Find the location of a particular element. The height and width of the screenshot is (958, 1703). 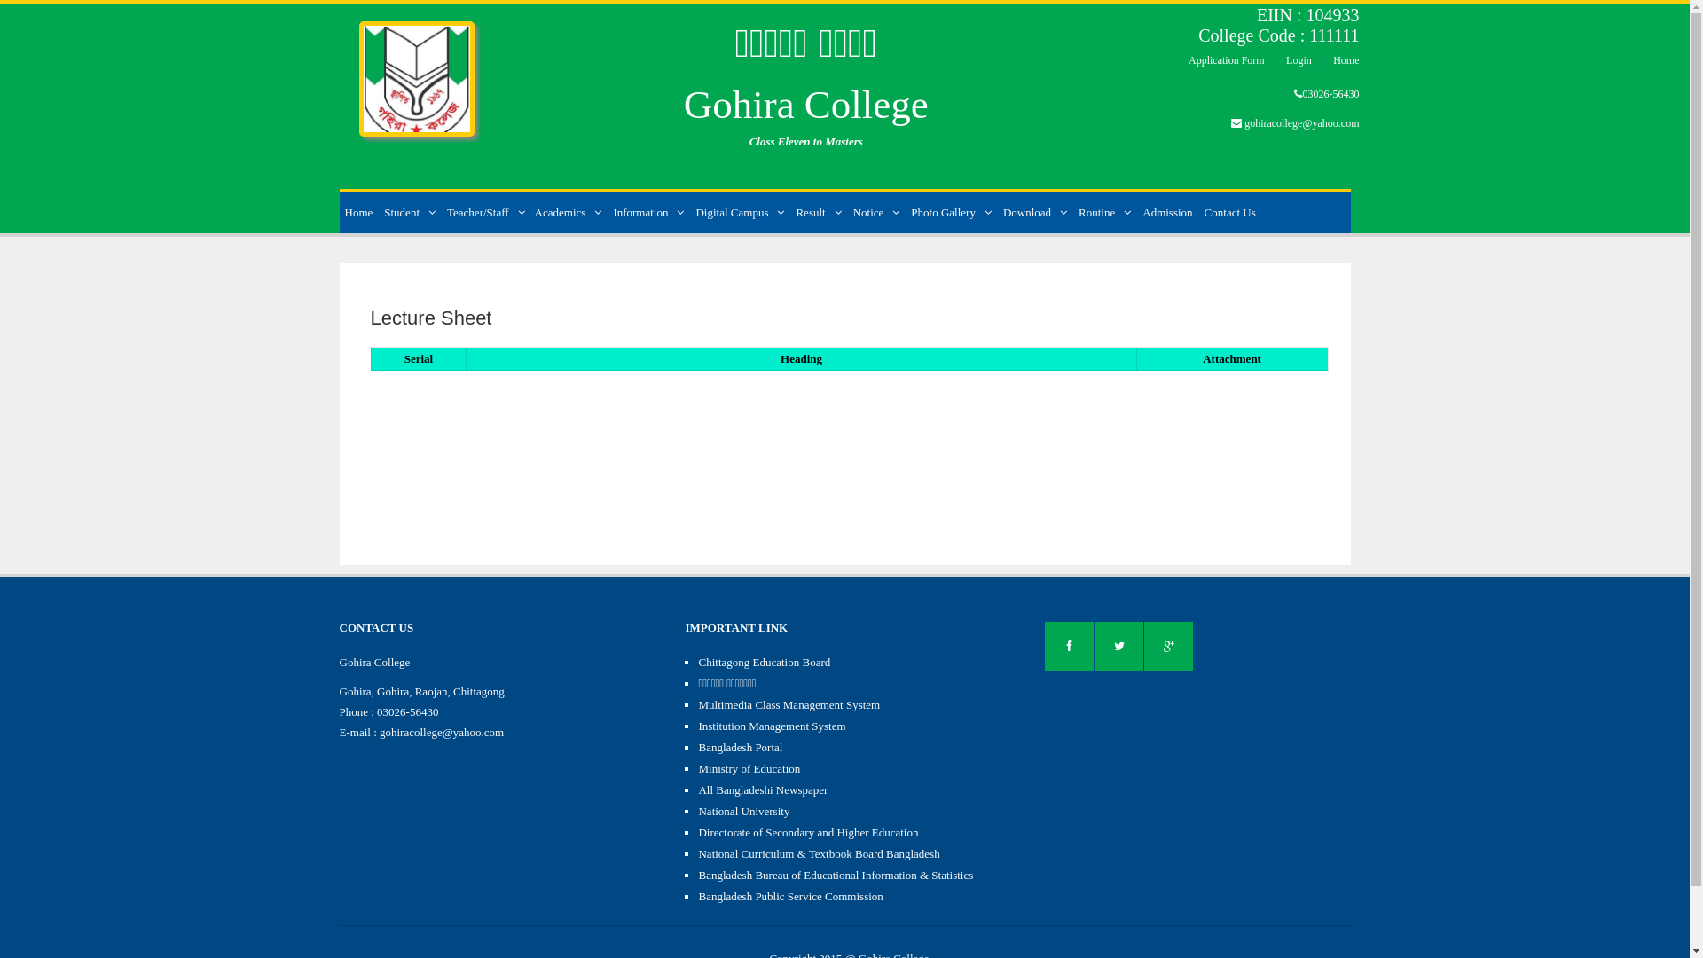

'Bangladesh Public Service Commission' is located at coordinates (789, 896).